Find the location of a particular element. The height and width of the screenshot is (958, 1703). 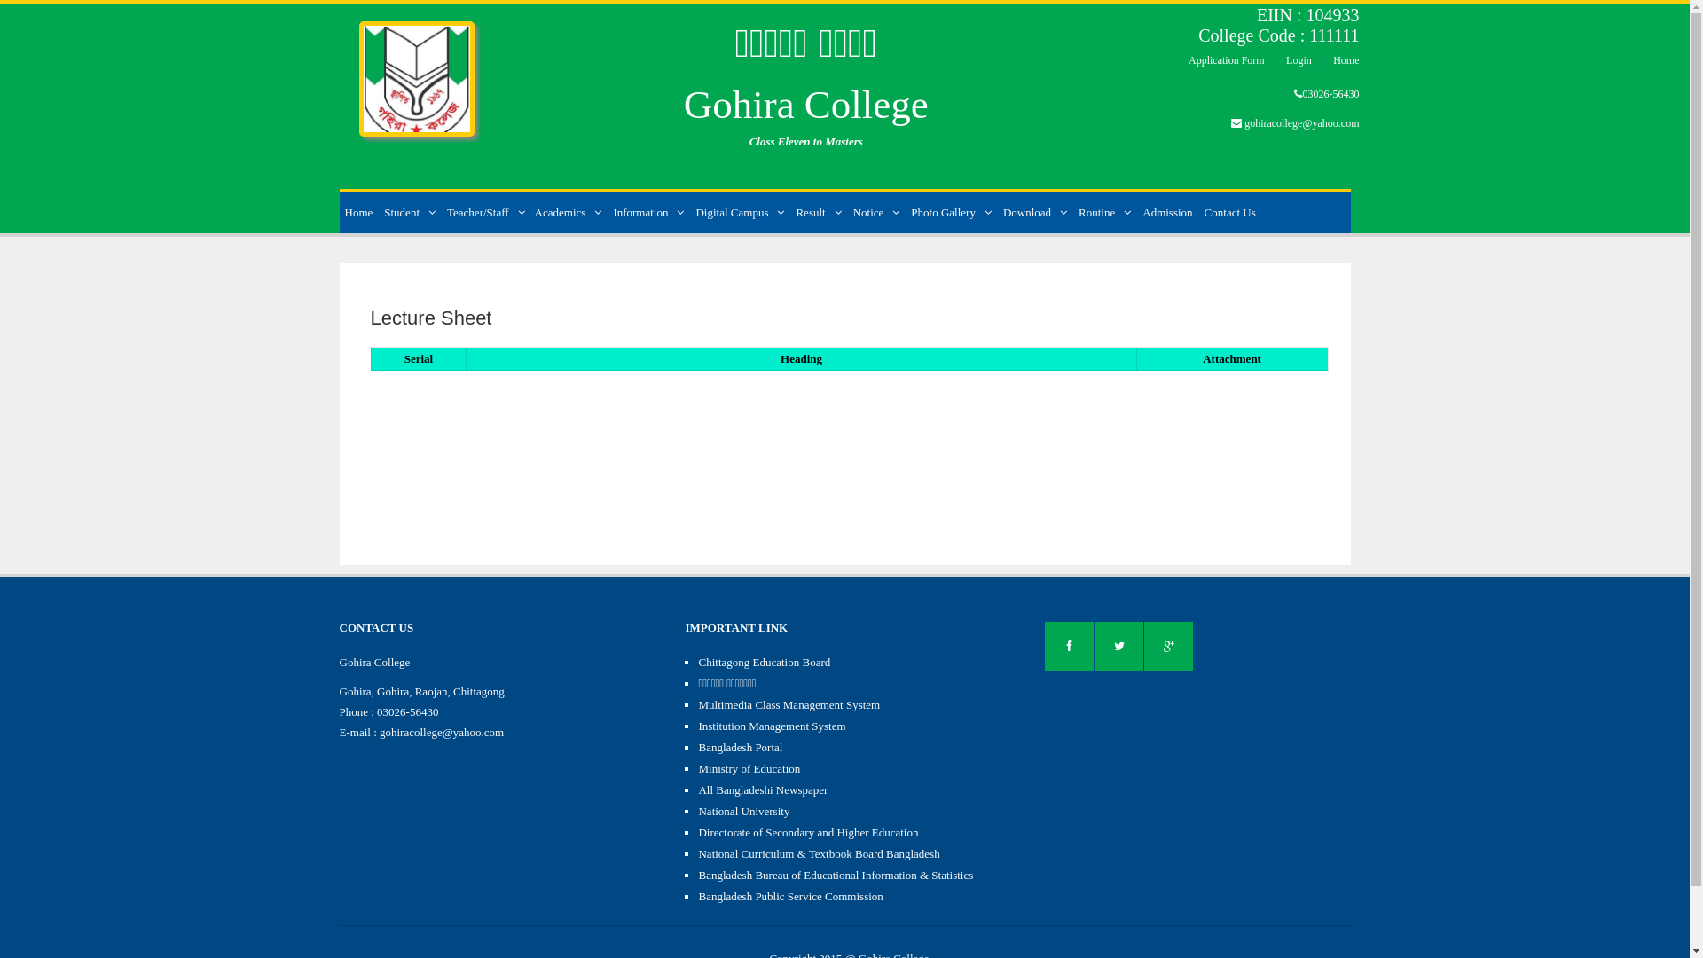

'Bangladesh Public Service Commission' is located at coordinates (789, 896).